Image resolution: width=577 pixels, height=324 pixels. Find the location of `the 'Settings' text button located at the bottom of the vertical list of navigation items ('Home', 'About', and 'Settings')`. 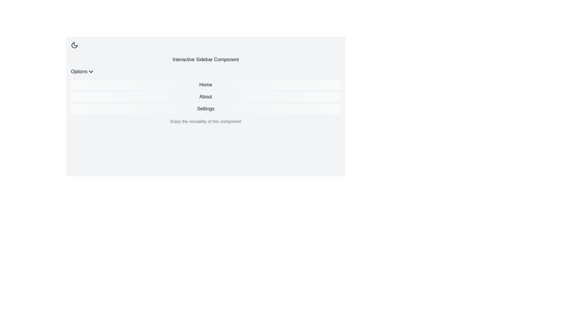

the 'Settings' text button located at the bottom of the vertical list of navigation items ('Home', 'About', and 'Settings') is located at coordinates (206, 109).